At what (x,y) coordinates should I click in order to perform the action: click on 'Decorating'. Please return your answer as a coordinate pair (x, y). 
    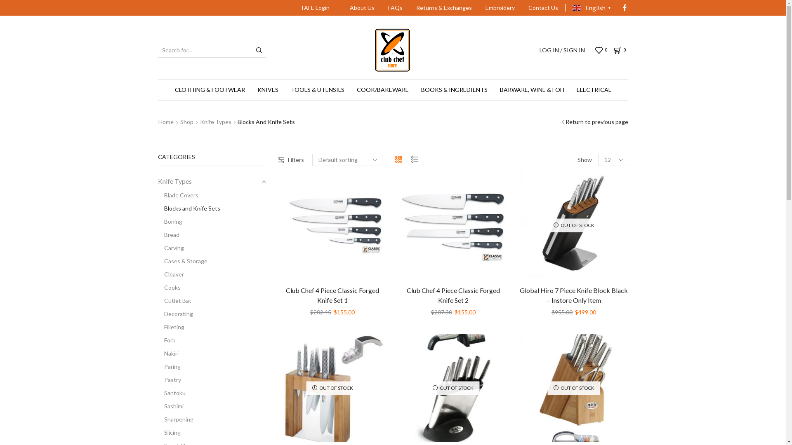
    Looking at the image, I should click on (158, 314).